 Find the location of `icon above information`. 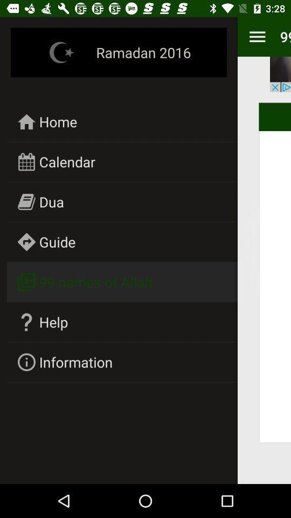

icon above information is located at coordinates (53, 322).